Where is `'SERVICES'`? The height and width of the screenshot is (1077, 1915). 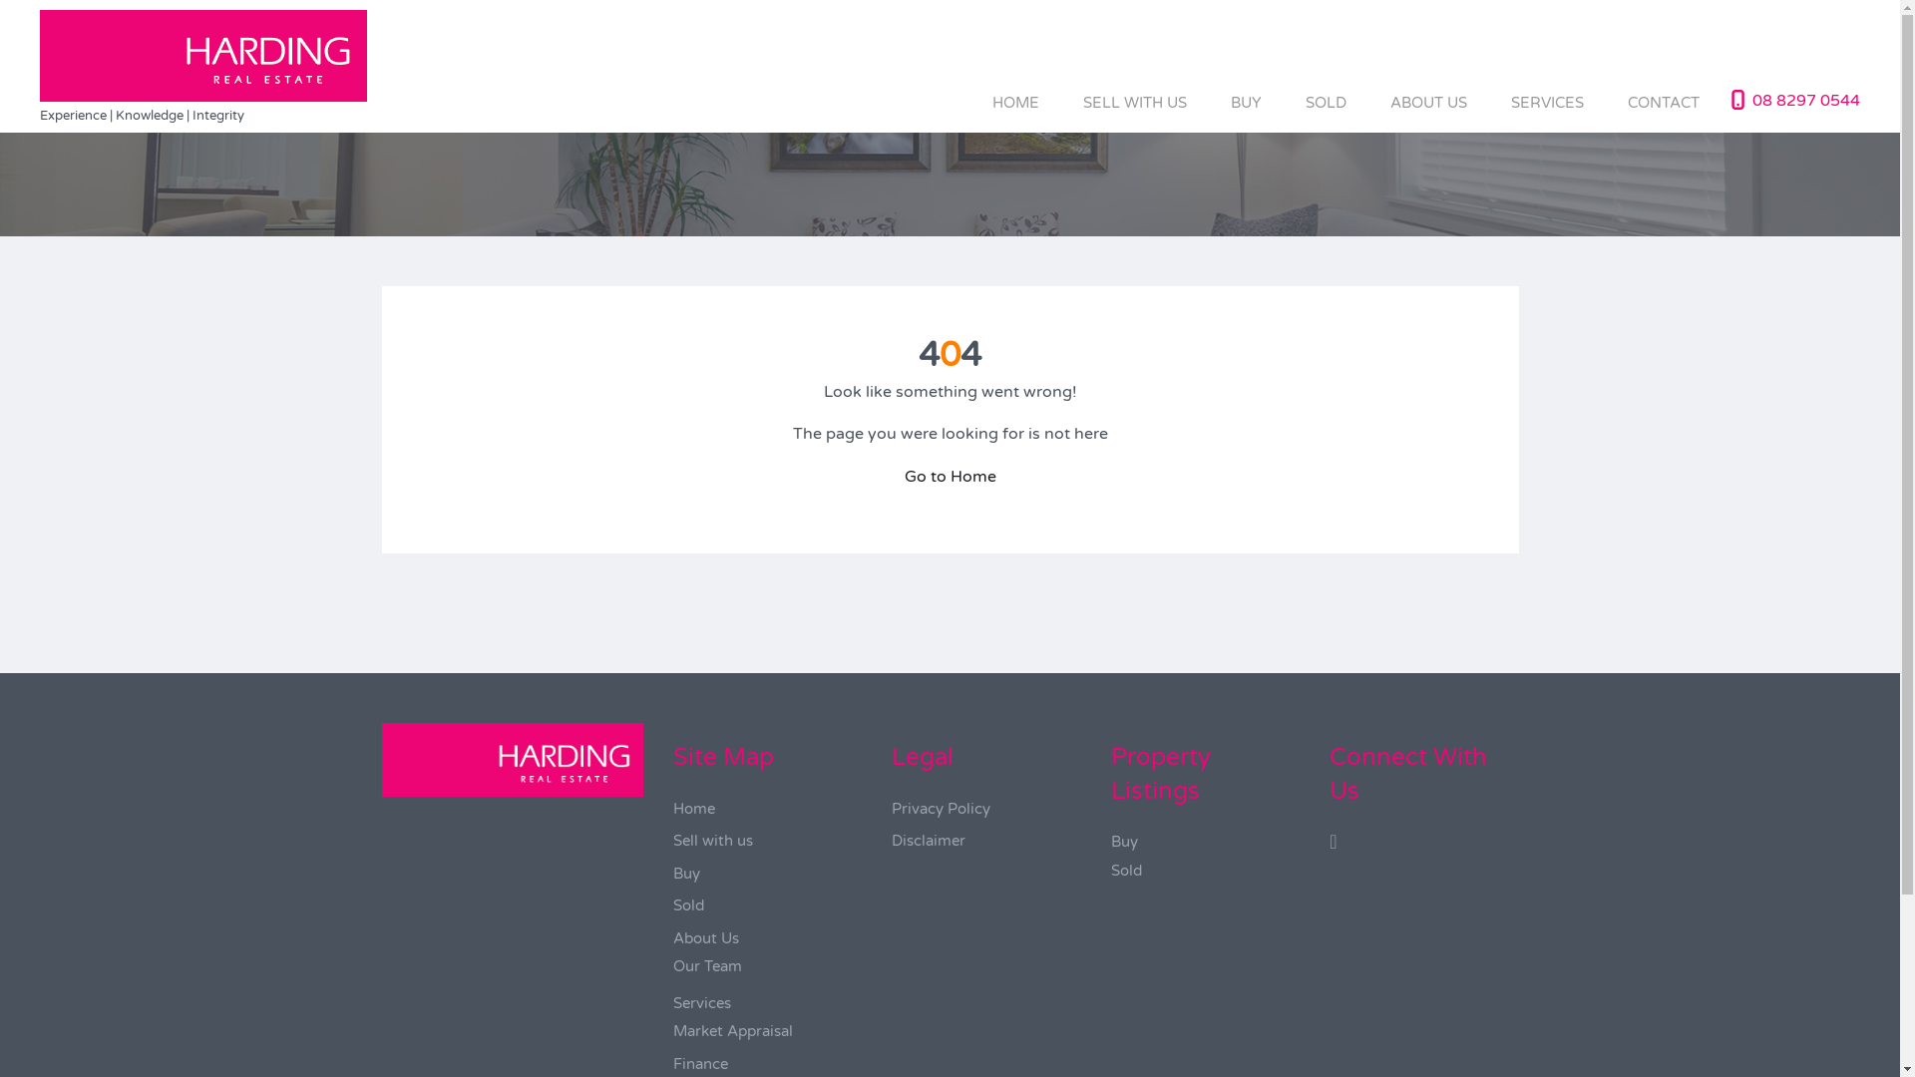
'SERVICES' is located at coordinates (1488, 102).